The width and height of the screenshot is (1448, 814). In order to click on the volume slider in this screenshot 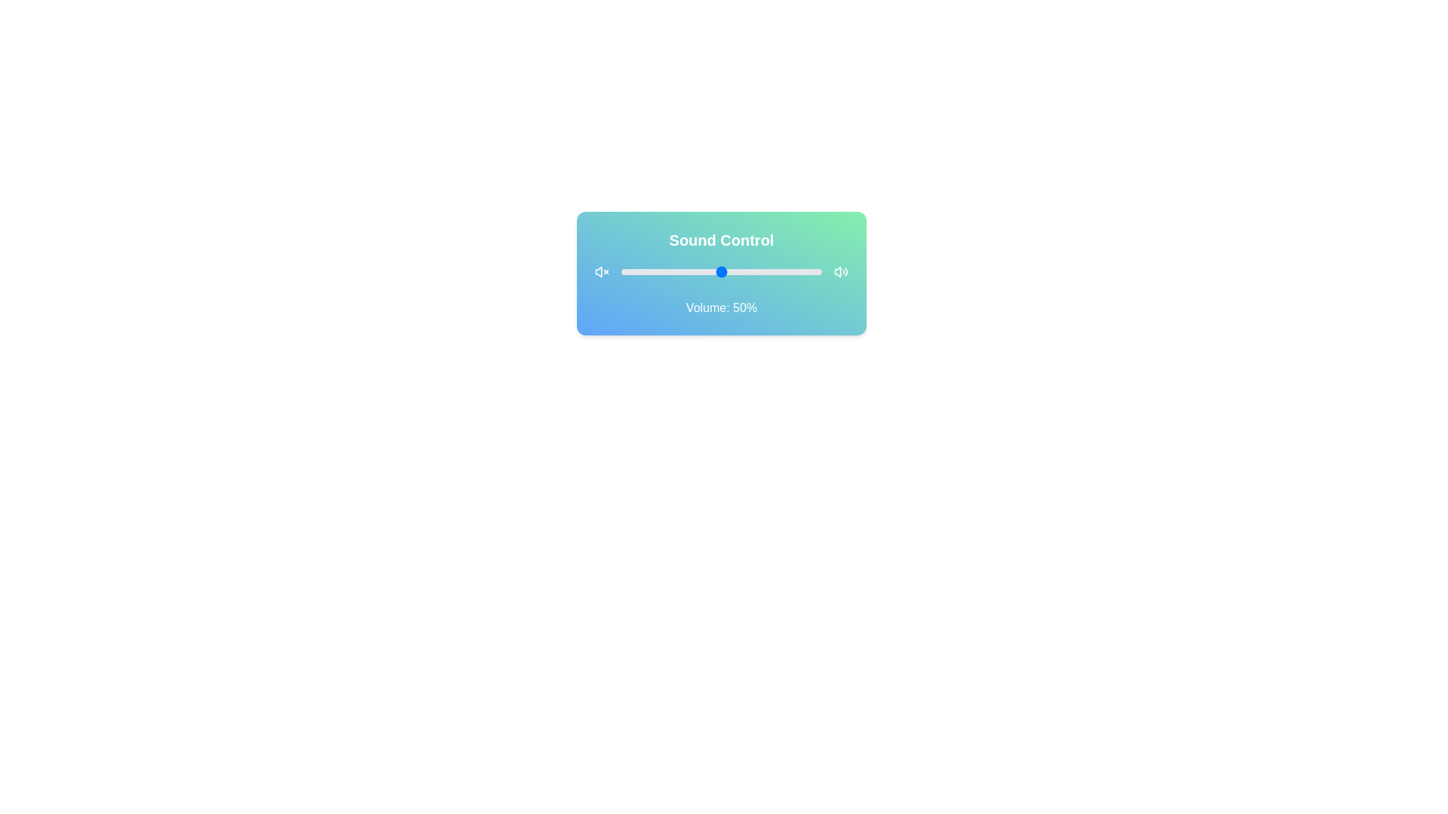, I will do `click(805, 272)`.